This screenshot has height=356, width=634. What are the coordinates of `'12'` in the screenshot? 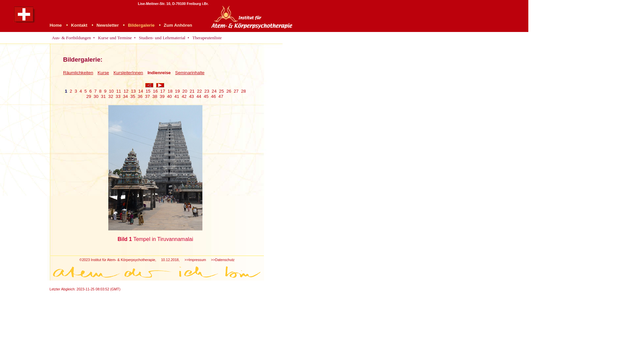 It's located at (126, 91).